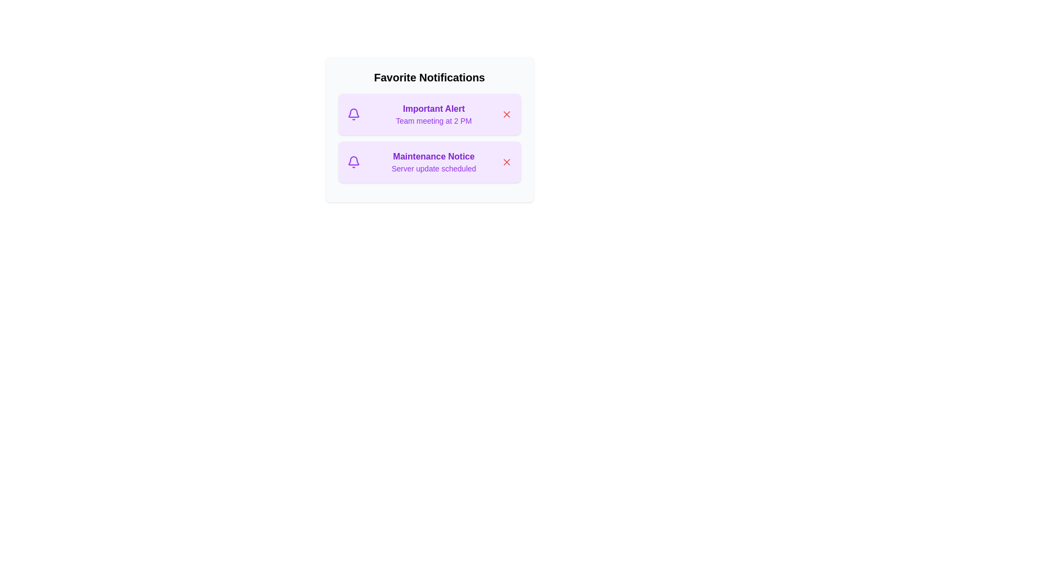  I want to click on the bell icon for Maintenance Notice notification, so click(353, 162).